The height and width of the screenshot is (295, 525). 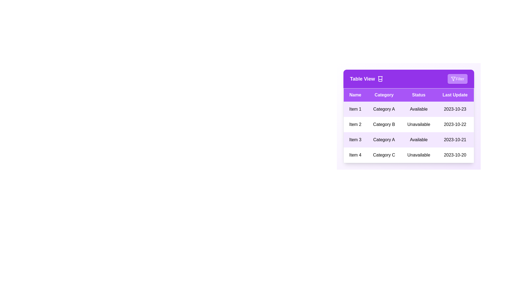 What do you see at coordinates (355, 95) in the screenshot?
I see `the header Name to sort the table by that column` at bounding box center [355, 95].